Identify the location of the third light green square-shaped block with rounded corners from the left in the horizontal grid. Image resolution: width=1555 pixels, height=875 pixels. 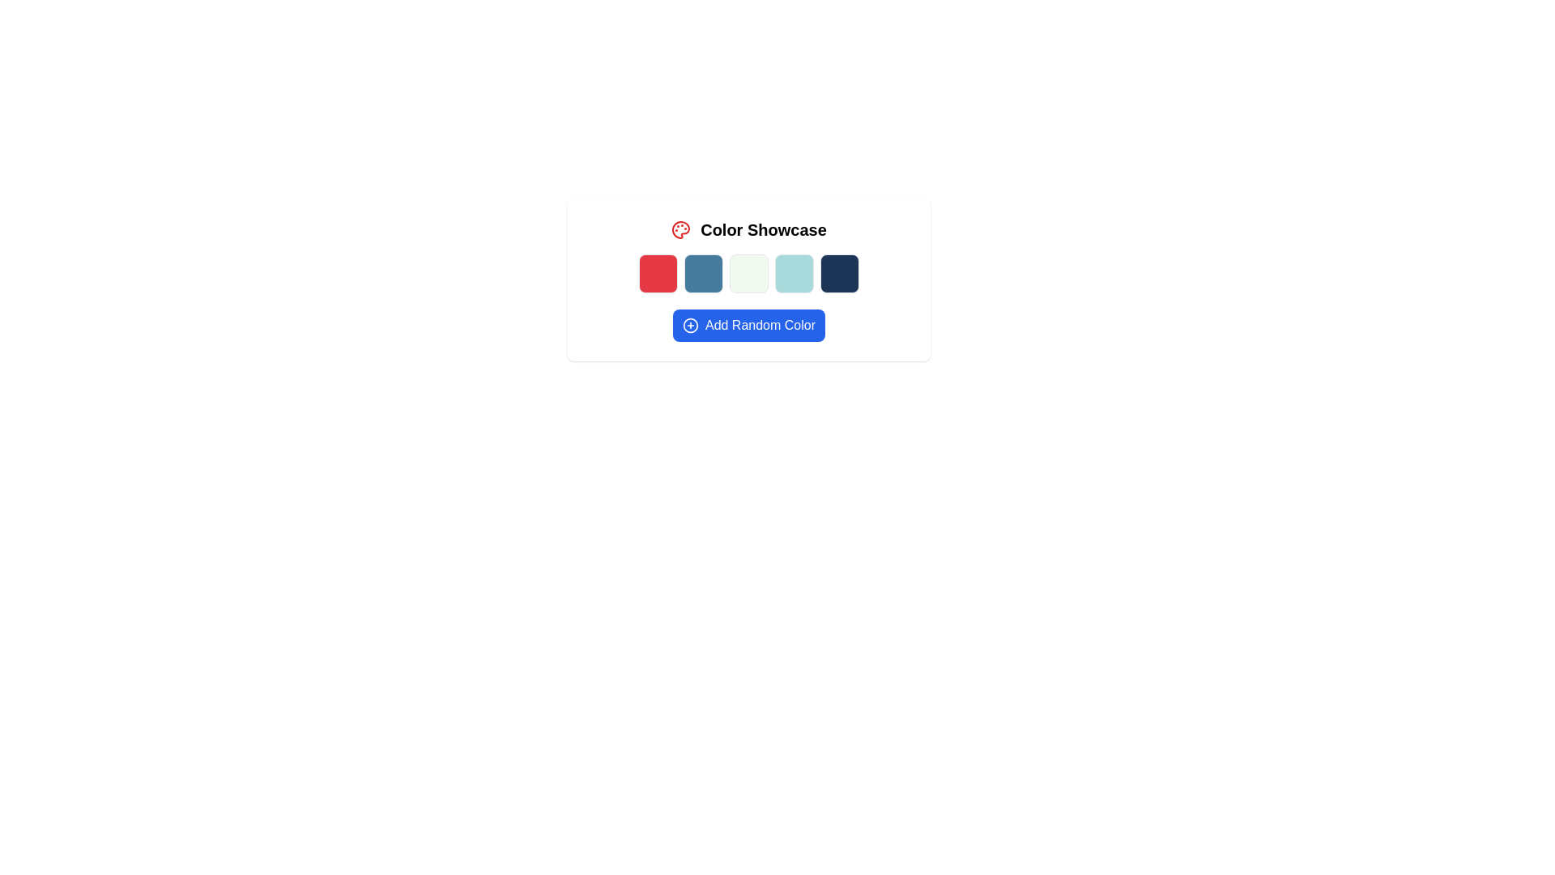
(748, 273).